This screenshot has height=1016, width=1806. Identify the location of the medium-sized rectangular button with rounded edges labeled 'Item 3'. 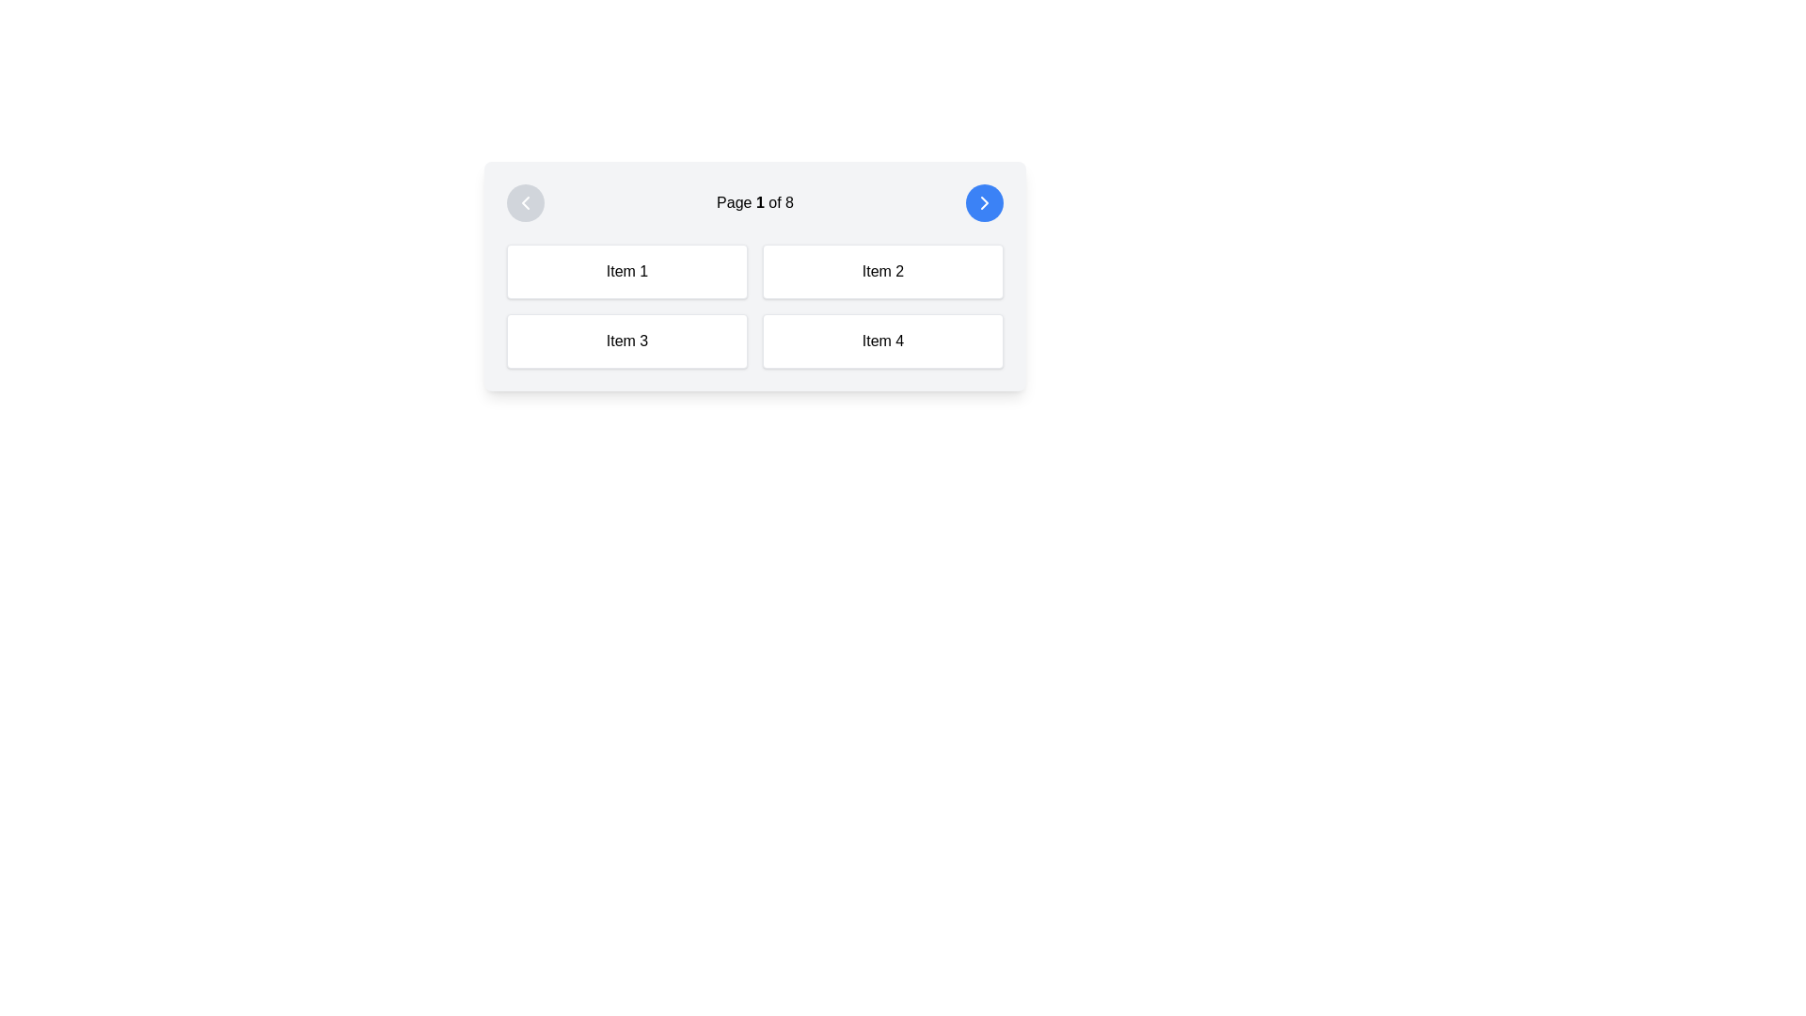
(627, 341).